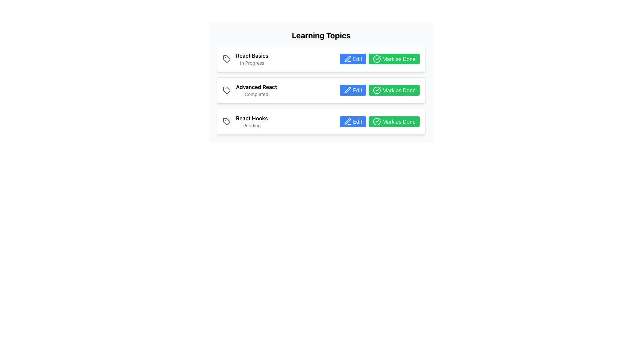 The image size is (641, 360). I want to click on the static text label that identifies the 'Advanced React' learning module, located in the middle row of the Learning Topics list, above the 'Completed' status text, so click(256, 87).